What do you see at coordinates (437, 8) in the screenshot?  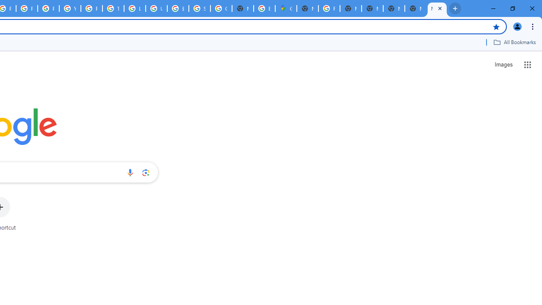 I see `'New Tab'` at bounding box center [437, 8].